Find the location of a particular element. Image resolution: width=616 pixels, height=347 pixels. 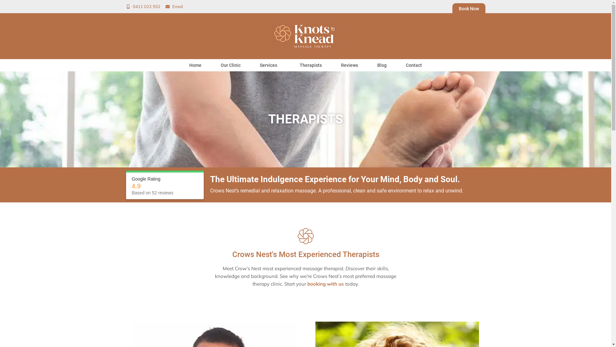

'Therapists' is located at coordinates (311, 65).